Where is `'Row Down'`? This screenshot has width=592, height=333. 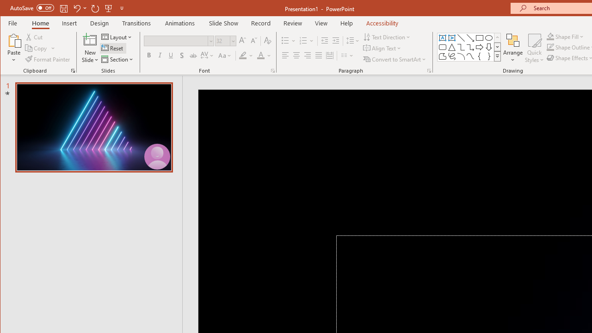 'Row Down' is located at coordinates (497, 47).